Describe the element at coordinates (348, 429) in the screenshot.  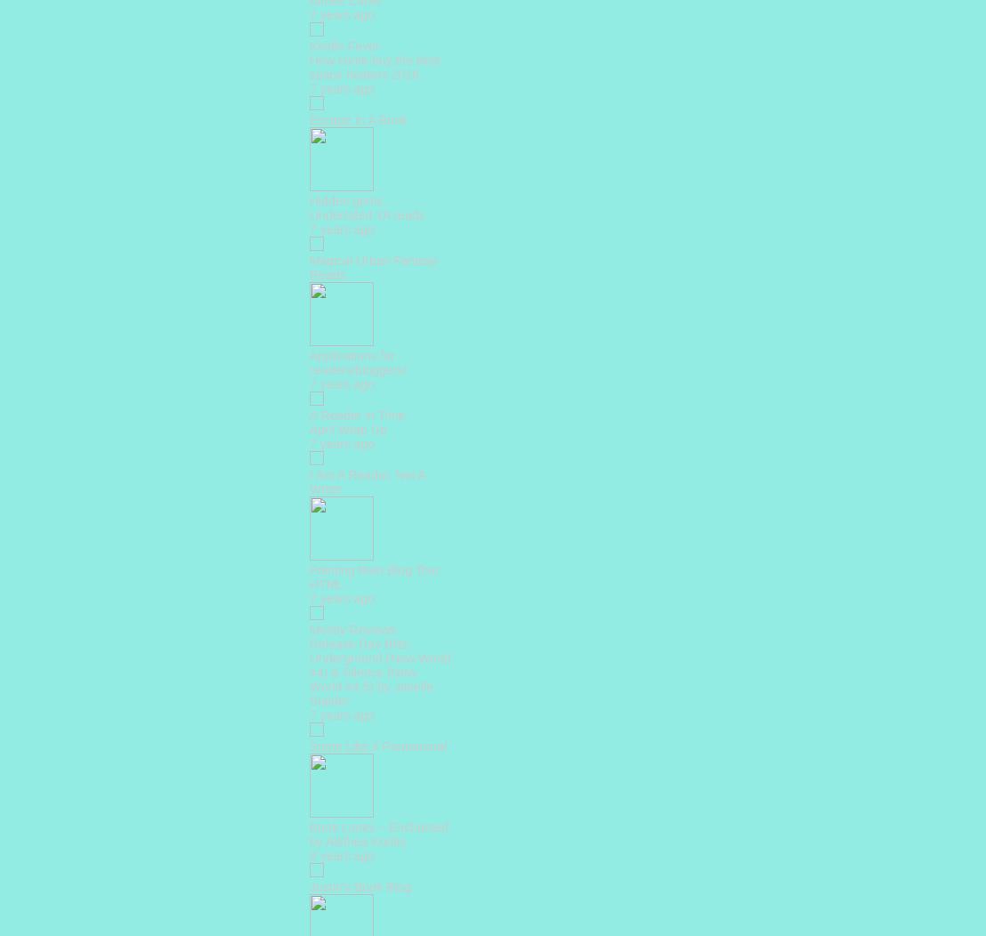
I see `'April Wrap Up'` at that location.